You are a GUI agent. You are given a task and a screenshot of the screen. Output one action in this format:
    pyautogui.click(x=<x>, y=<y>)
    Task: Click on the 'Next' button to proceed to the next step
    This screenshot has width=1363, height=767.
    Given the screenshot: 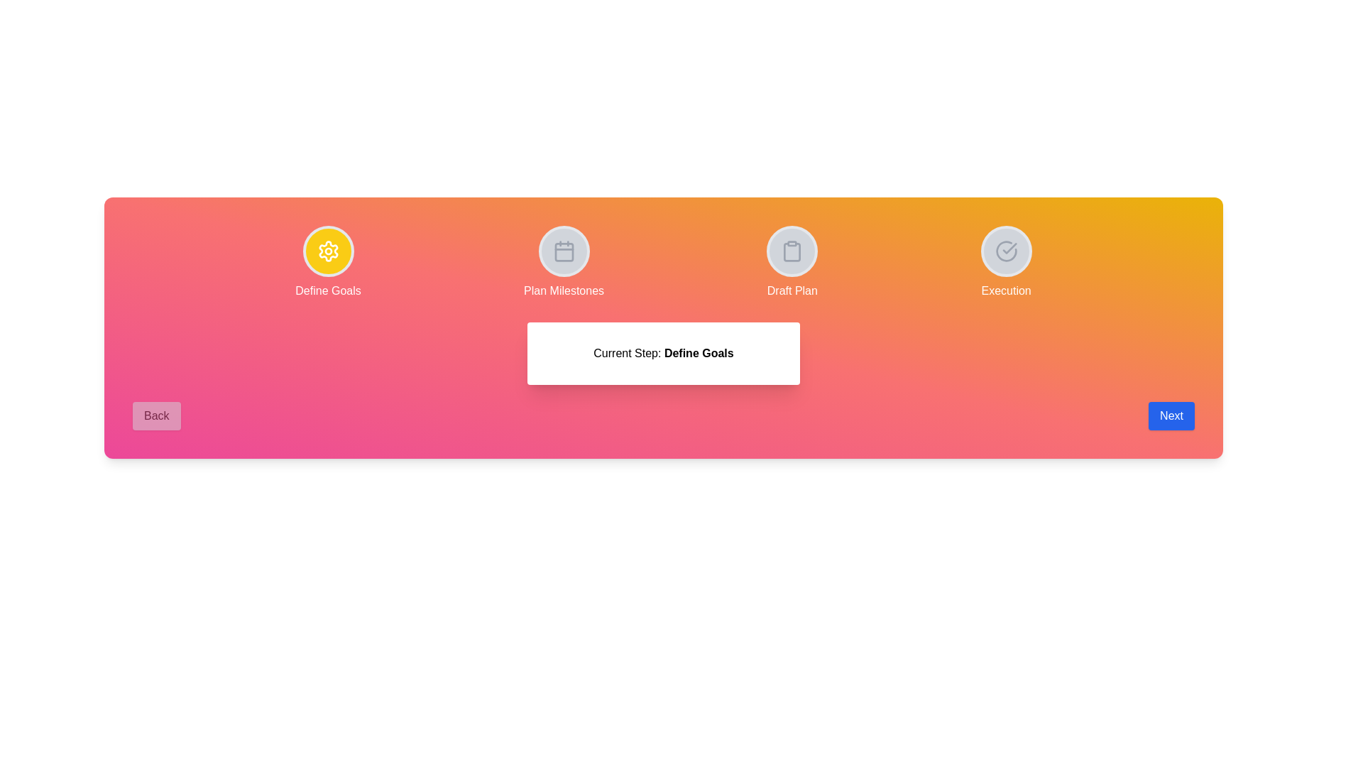 What is the action you would take?
    pyautogui.click(x=1171, y=415)
    